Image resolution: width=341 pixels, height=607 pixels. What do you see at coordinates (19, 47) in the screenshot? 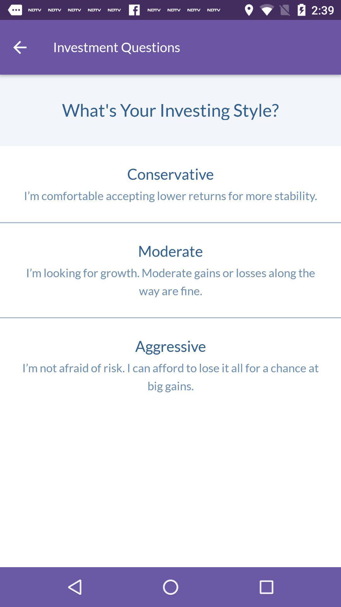
I see `the arrow_backward icon` at bounding box center [19, 47].